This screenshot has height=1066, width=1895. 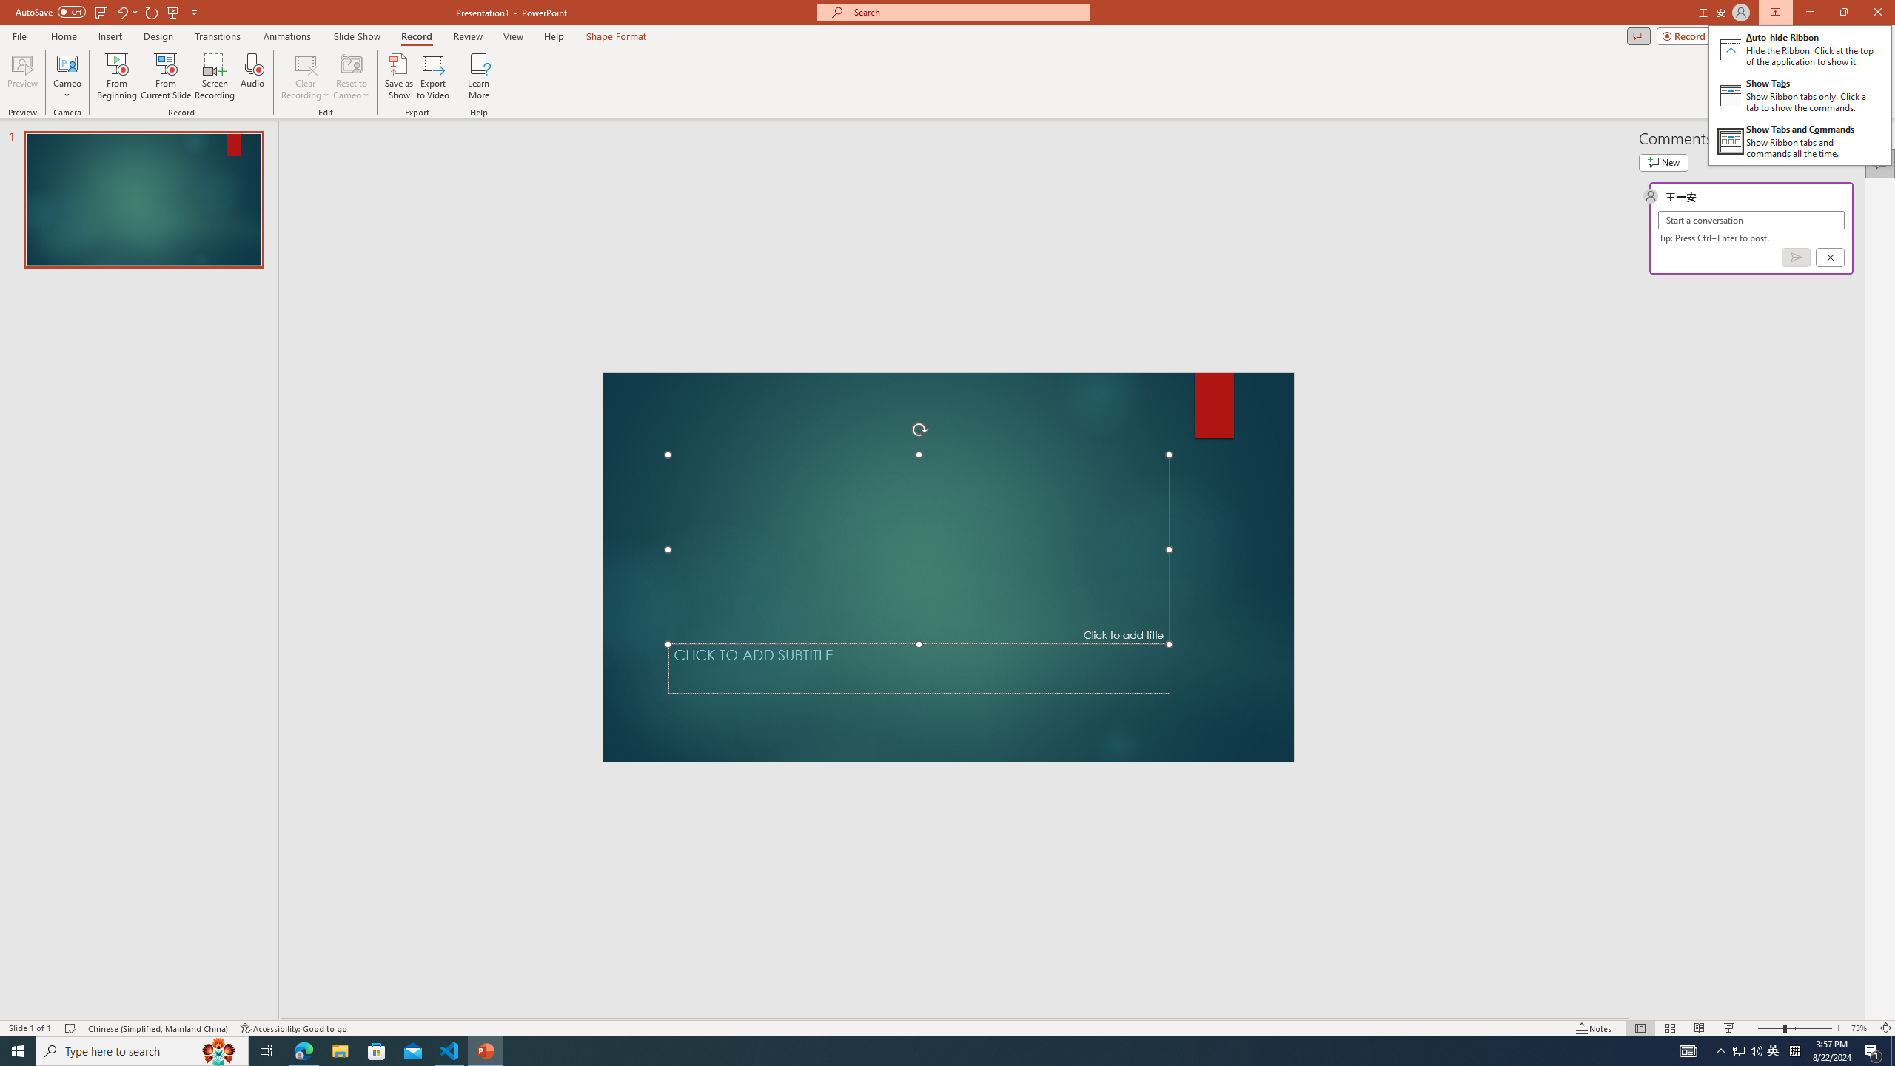 I want to click on 'Transitions', so click(x=217, y=36).